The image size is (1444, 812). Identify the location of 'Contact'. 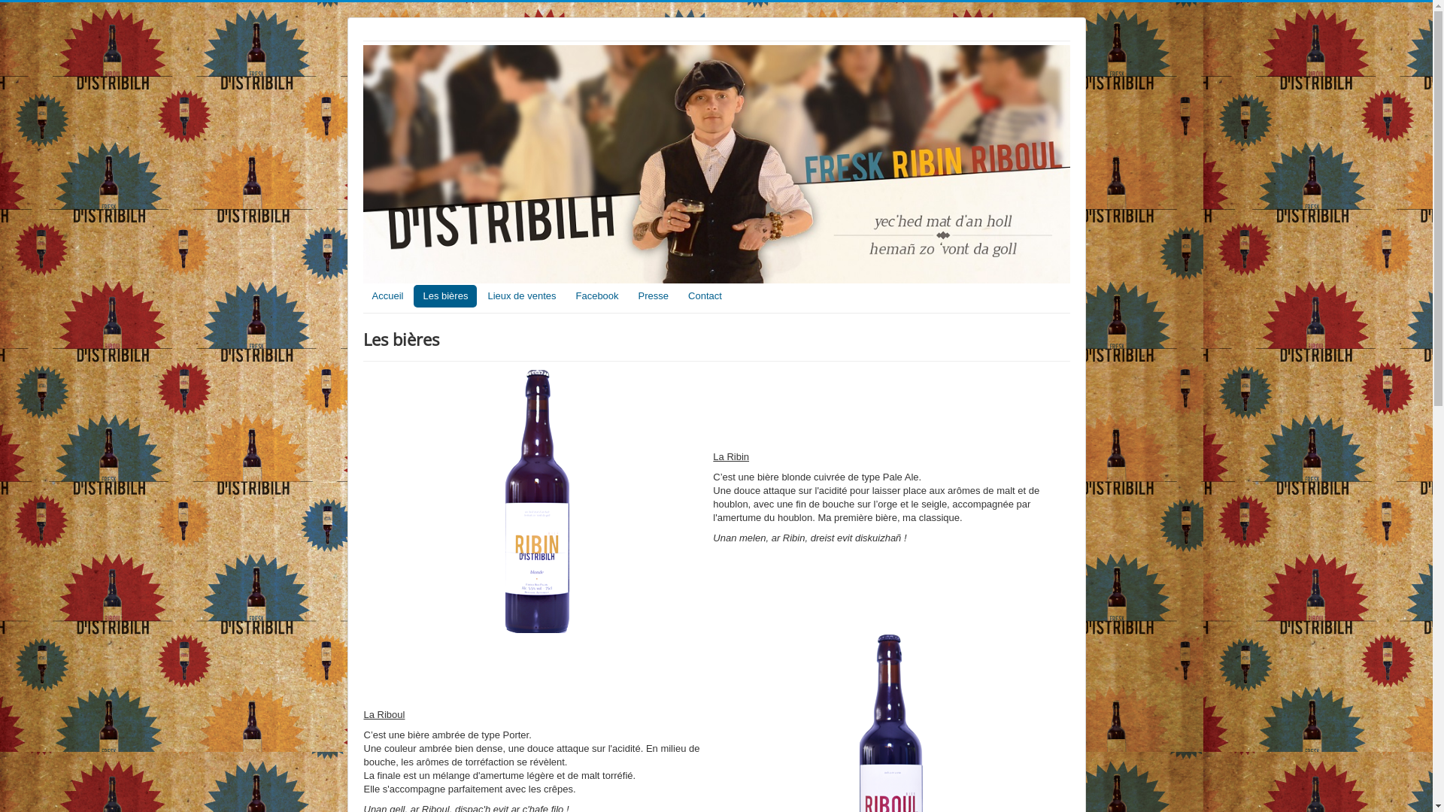
(704, 295).